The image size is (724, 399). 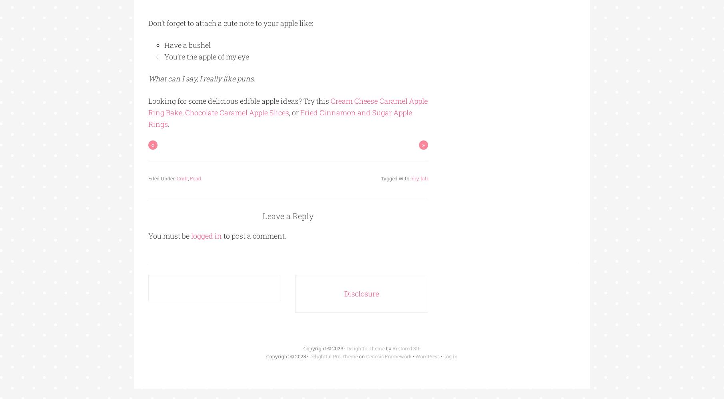 I want to click on 'Log in', so click(x=443, y=356).